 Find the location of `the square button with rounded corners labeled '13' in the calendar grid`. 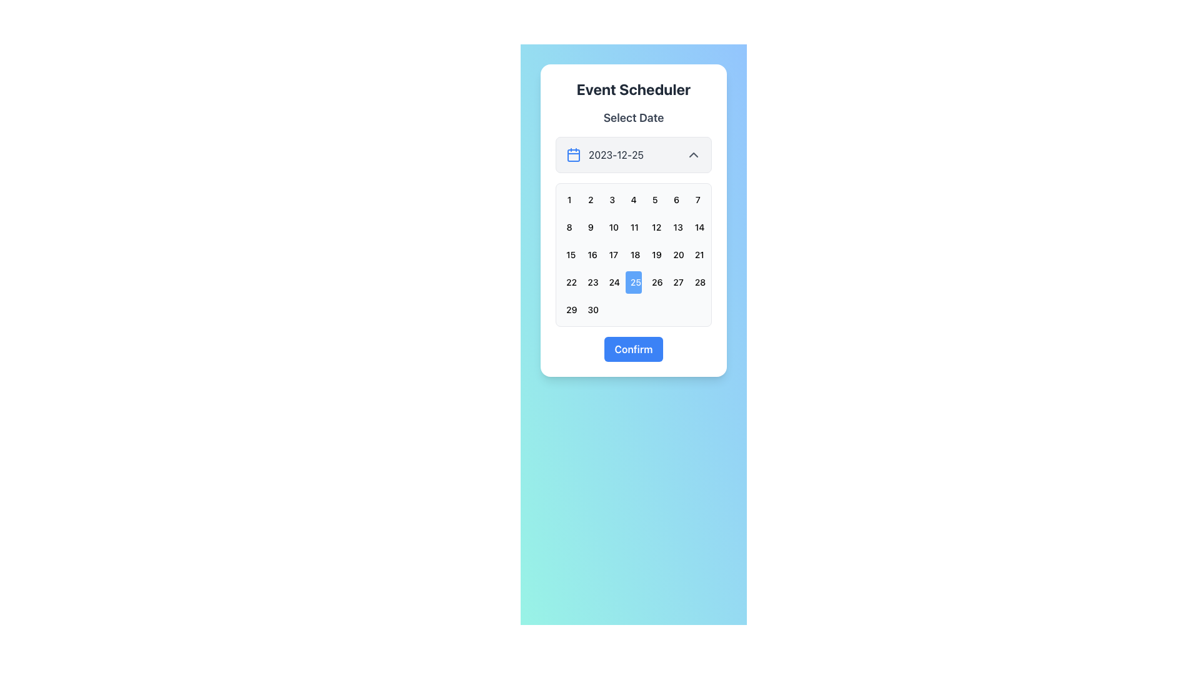

the square button with rounded corners labeled '13' in the calendar grid is located at coordinates (676, 227).